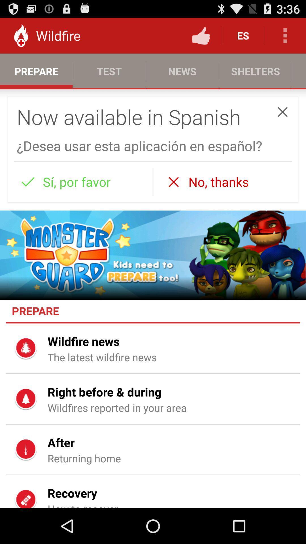 The width and height of the screenshot is (306, 544). I want to click on icon above the shelters icon, so click(285, 35).